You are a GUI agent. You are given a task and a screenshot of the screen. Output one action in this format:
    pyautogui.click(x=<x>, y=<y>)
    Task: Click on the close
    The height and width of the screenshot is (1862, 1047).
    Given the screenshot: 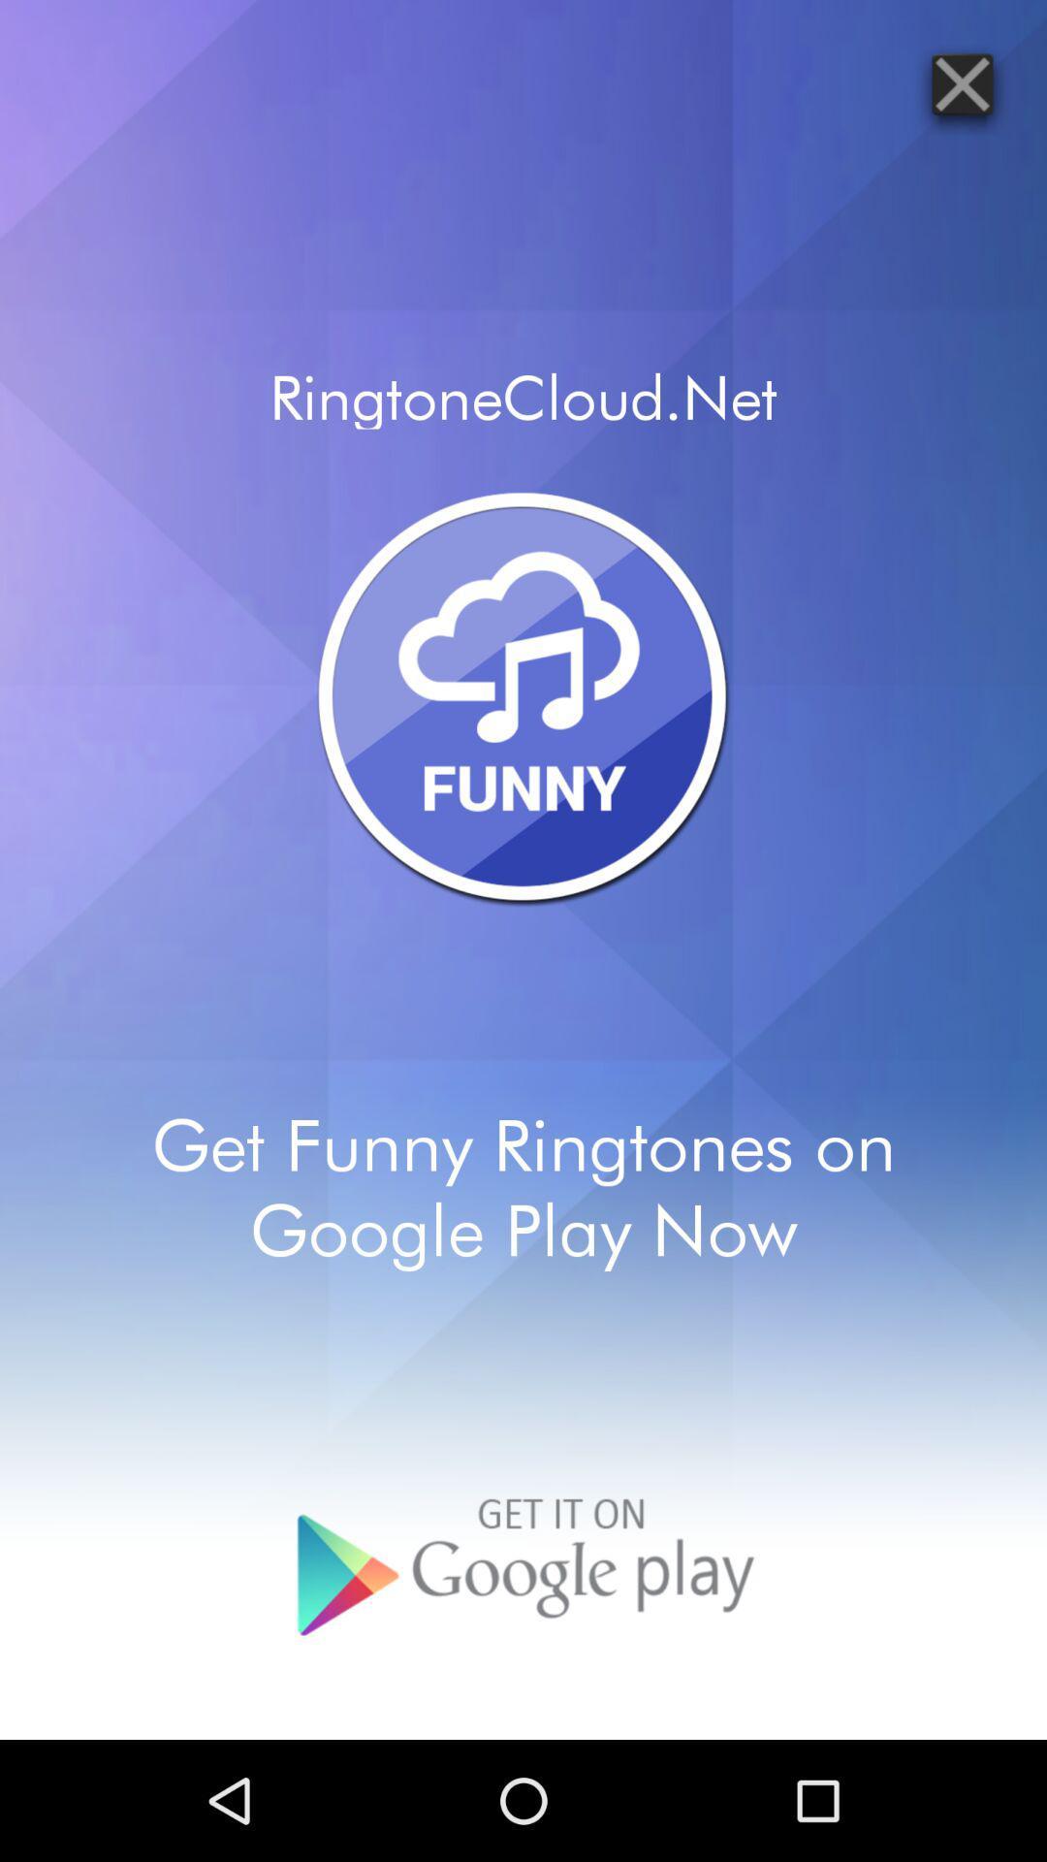 What is the action you would take?
    pyautogui.click(x=962, y=82)
    